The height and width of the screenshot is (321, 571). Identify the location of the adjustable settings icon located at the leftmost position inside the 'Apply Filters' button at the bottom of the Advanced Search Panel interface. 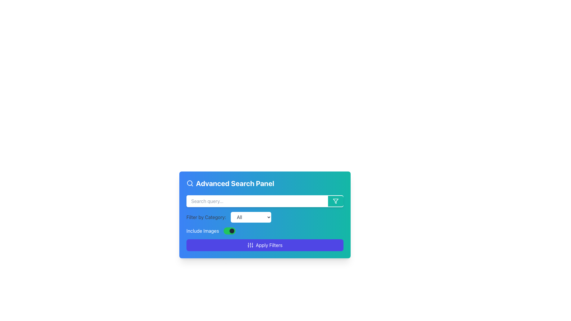
(250, 245).